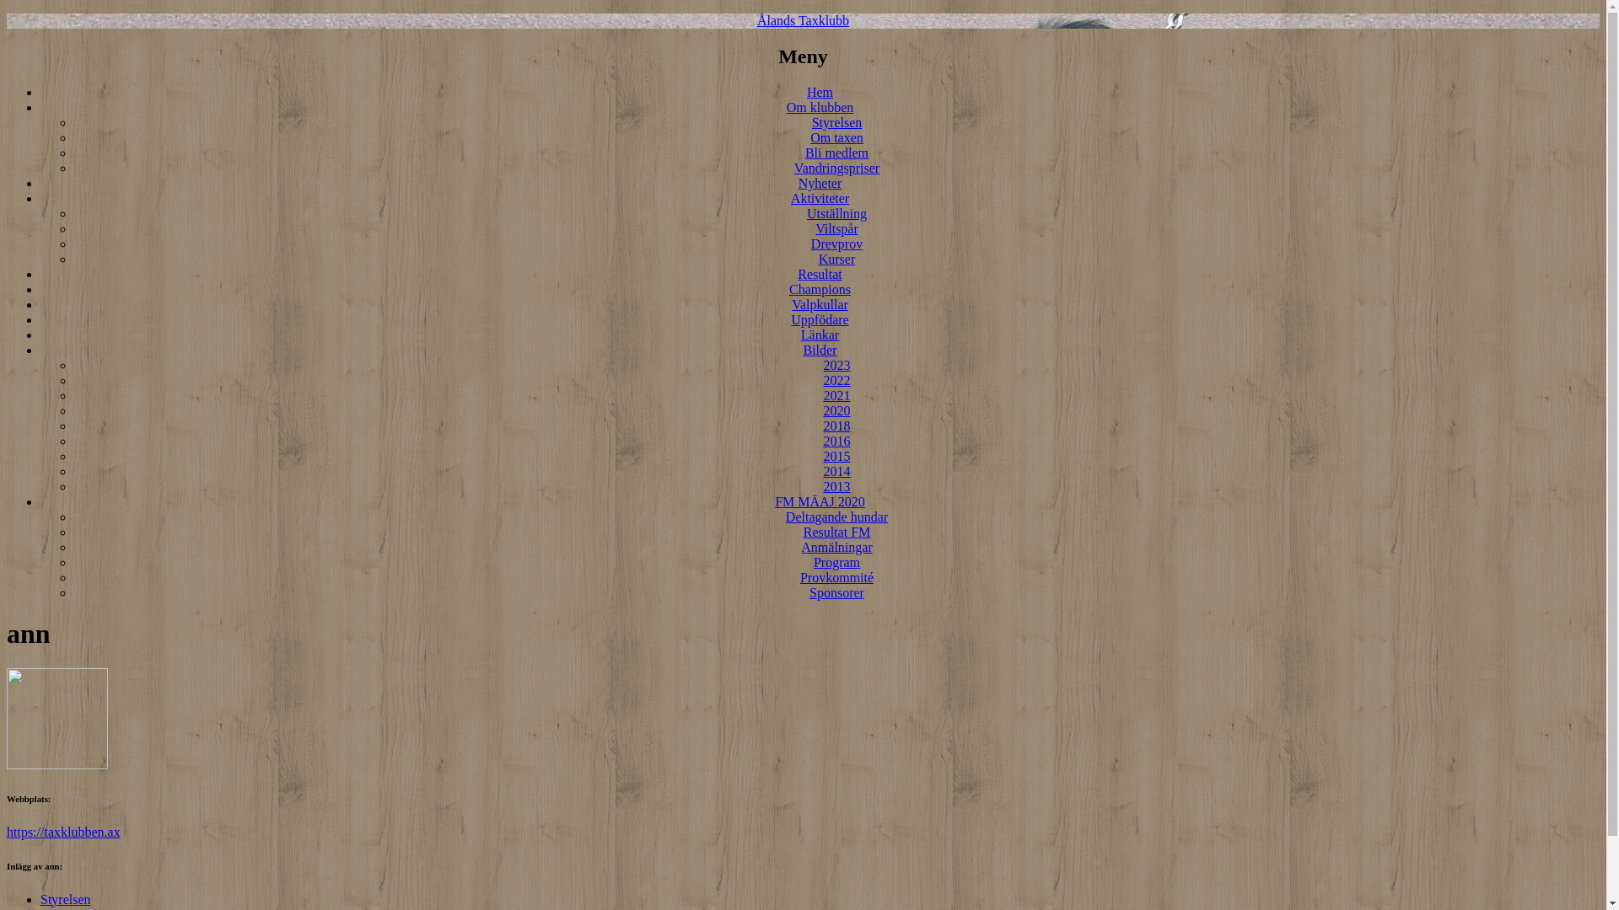 The width and height of the screenshot is (1619, 910). I want to click on 'Deltagande hundar', so click(836, 516).